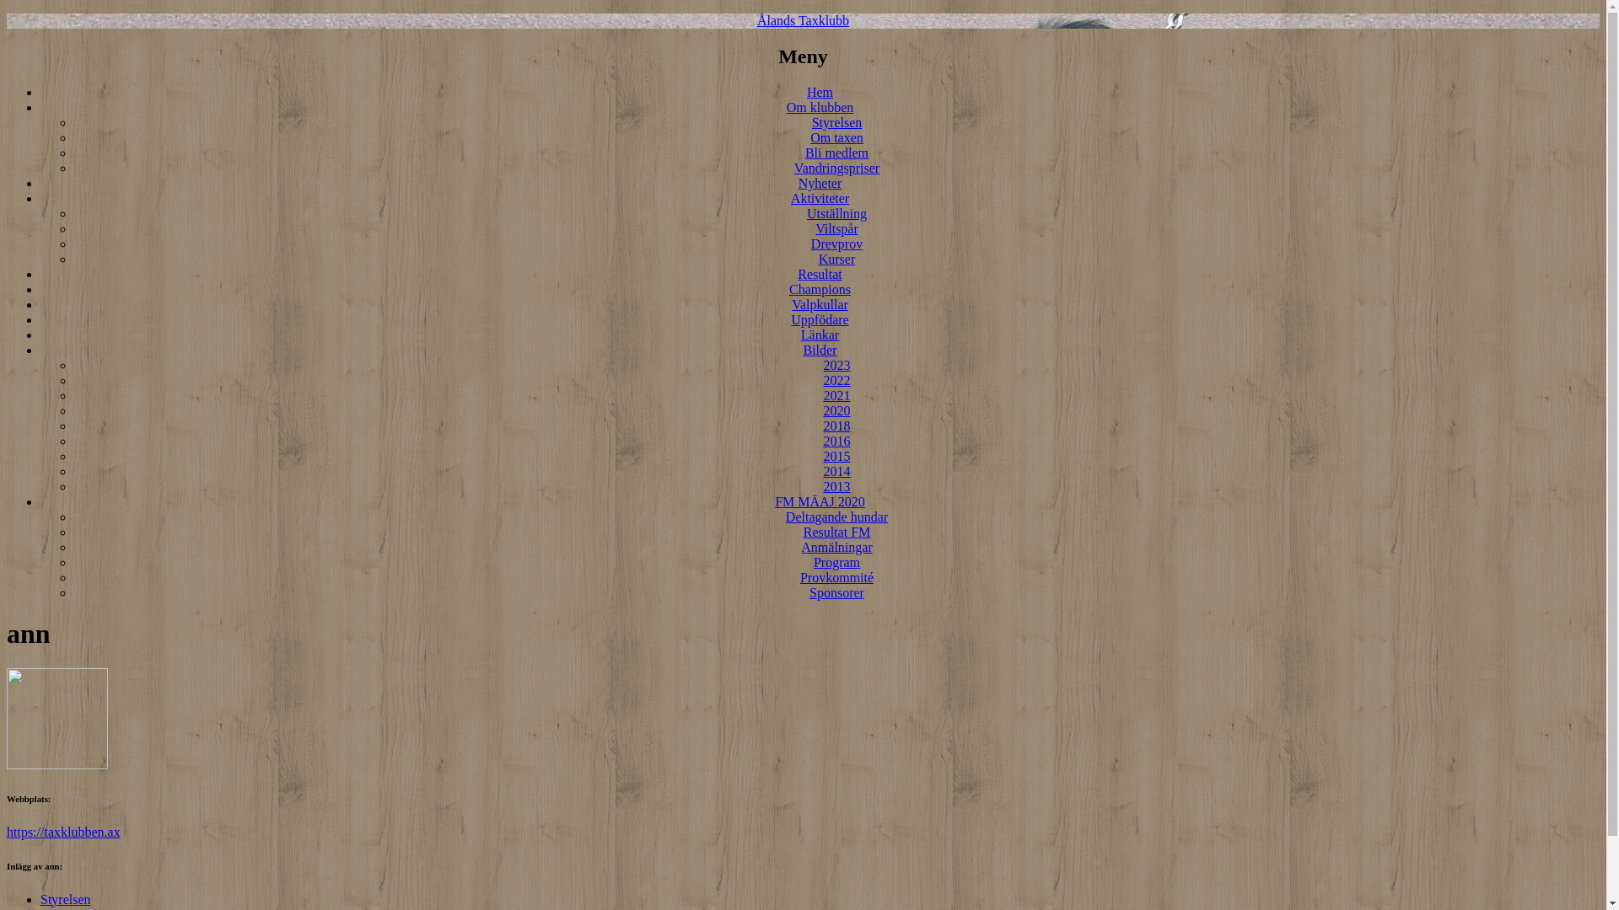 The width and height of the screenshot is (1619, 910). I want to click on 'Deltagande hundar', so click(836, 516).